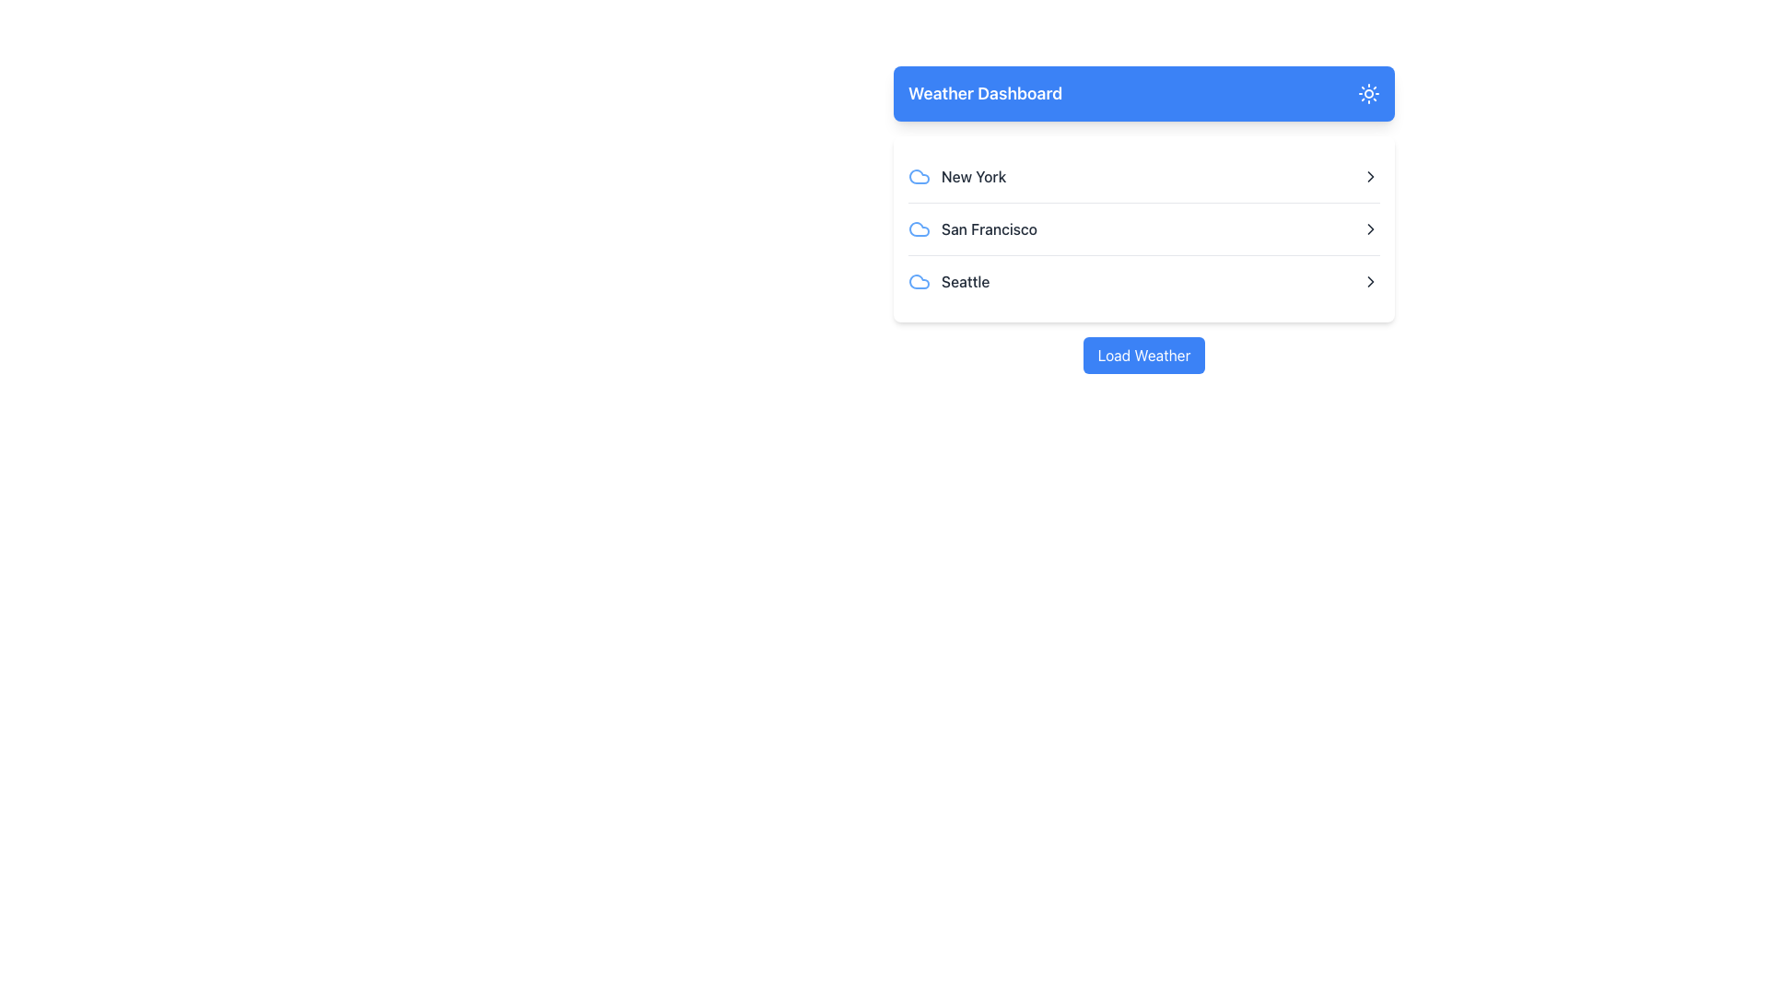  I want to click on the selectable list entry for the city 'San Francisco', so click(1143, 228).